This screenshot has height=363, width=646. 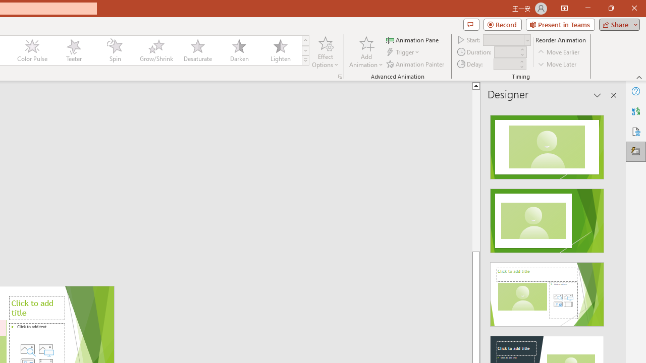 What do you see at coordinates (115, 50) in the screenshot?
I see `'Spin'` at bounding box center [115, 50].